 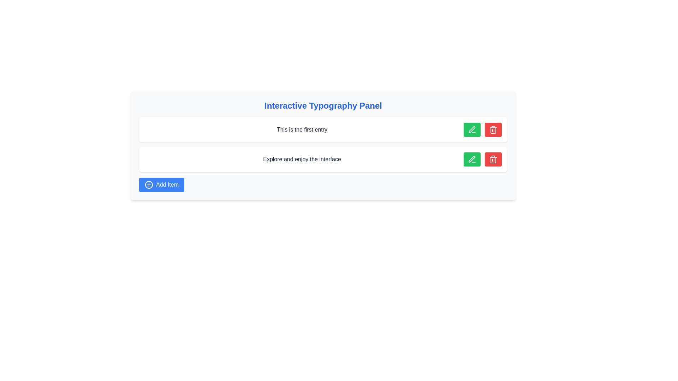 I want to click on the red trash icon button located at the far right of the second row in the interactive typography panel to initiate a delete action, so click(x=493, y=159).